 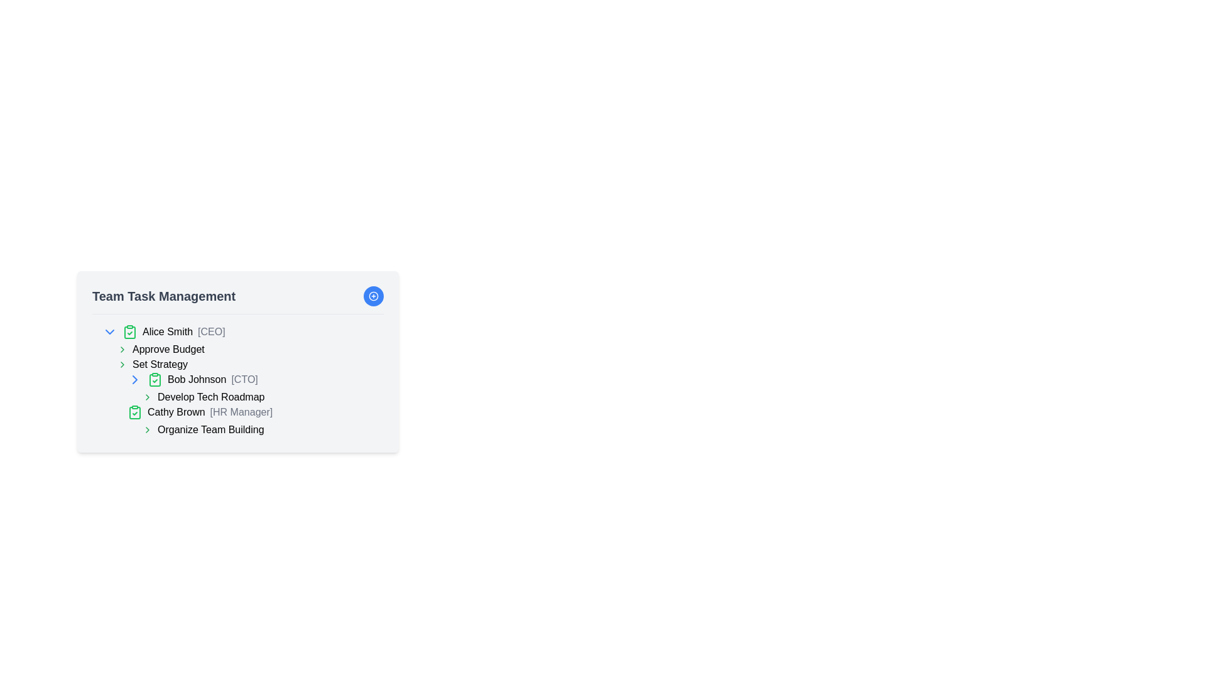 What do you see at coordinates (109, 331) in the screenshot?
I see `the chevron button located to the left of 'Alice Smith [CEO]'` at bounding box center [109, 331].